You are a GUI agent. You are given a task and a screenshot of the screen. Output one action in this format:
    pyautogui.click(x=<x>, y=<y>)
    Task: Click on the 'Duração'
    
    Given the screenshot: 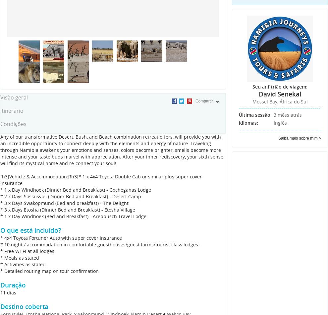 What is the action you would take?
    pyautogui.click(x=0, y=285)
    